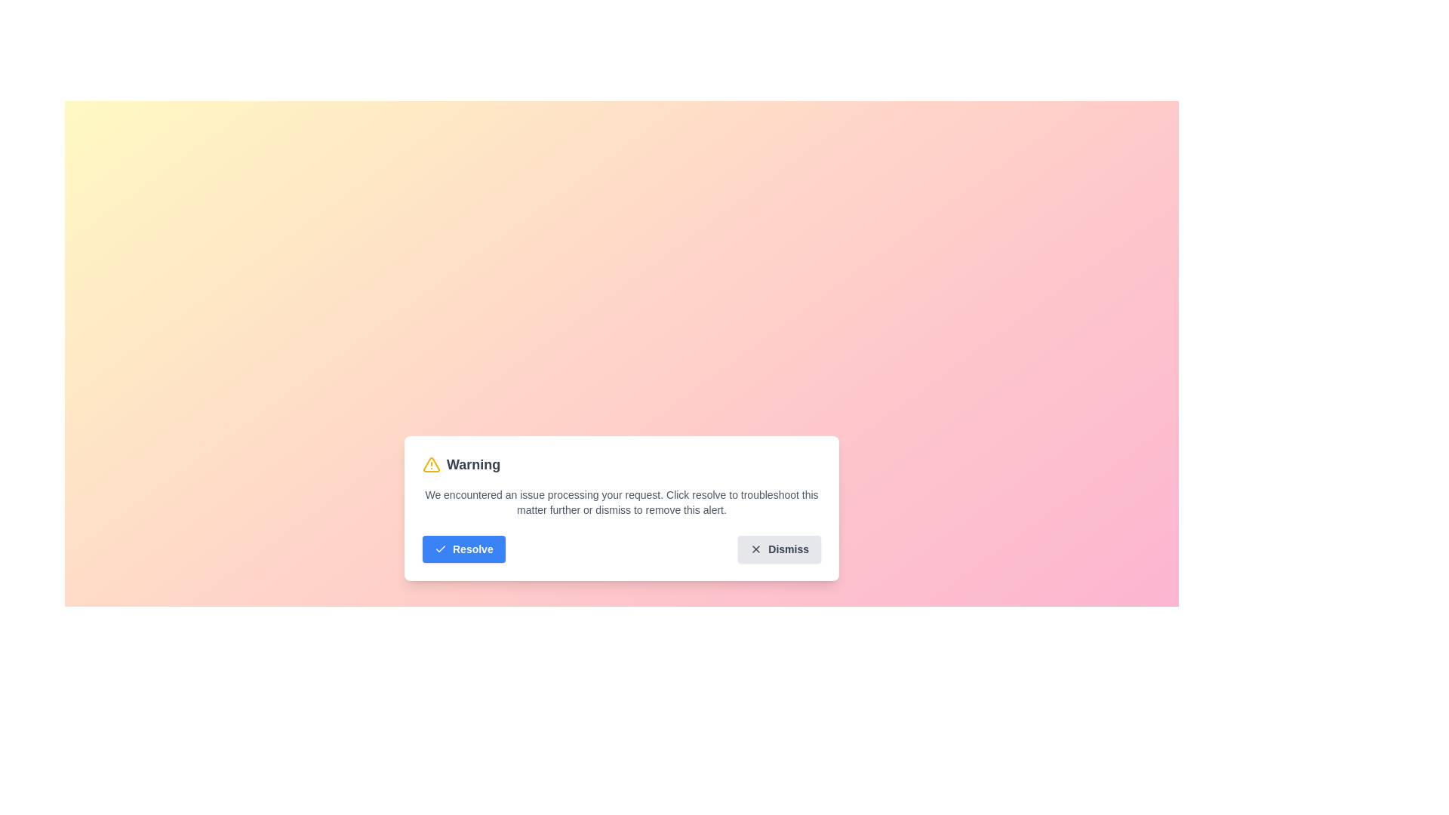 The height and width of the screenshot is (815, 1449). What do you see at coordinates (460, 464) in the screenshot?
I see `warning message displayed in the Header with icon element that features bold gray text 'Warning' and a yellow triangle-shaped warning icon with an exclamation mark` at bounding box center [460, 464].